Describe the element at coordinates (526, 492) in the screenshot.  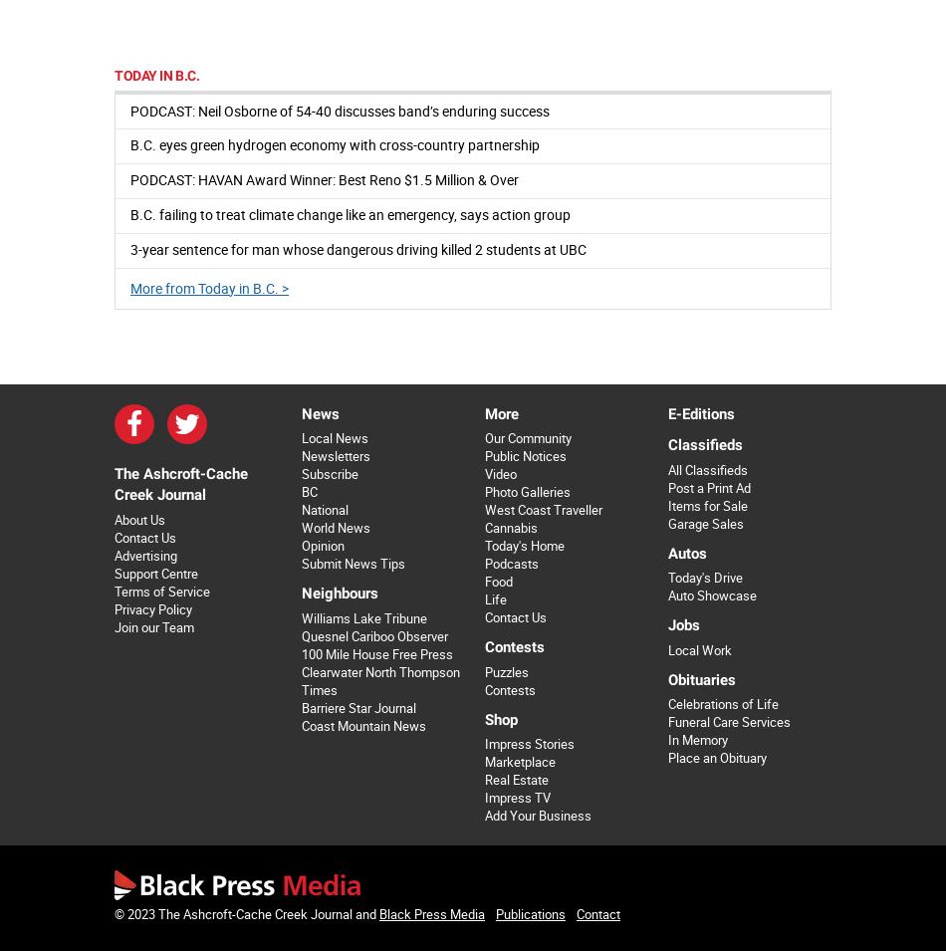
I see `'Photo Galleries'` at that location.